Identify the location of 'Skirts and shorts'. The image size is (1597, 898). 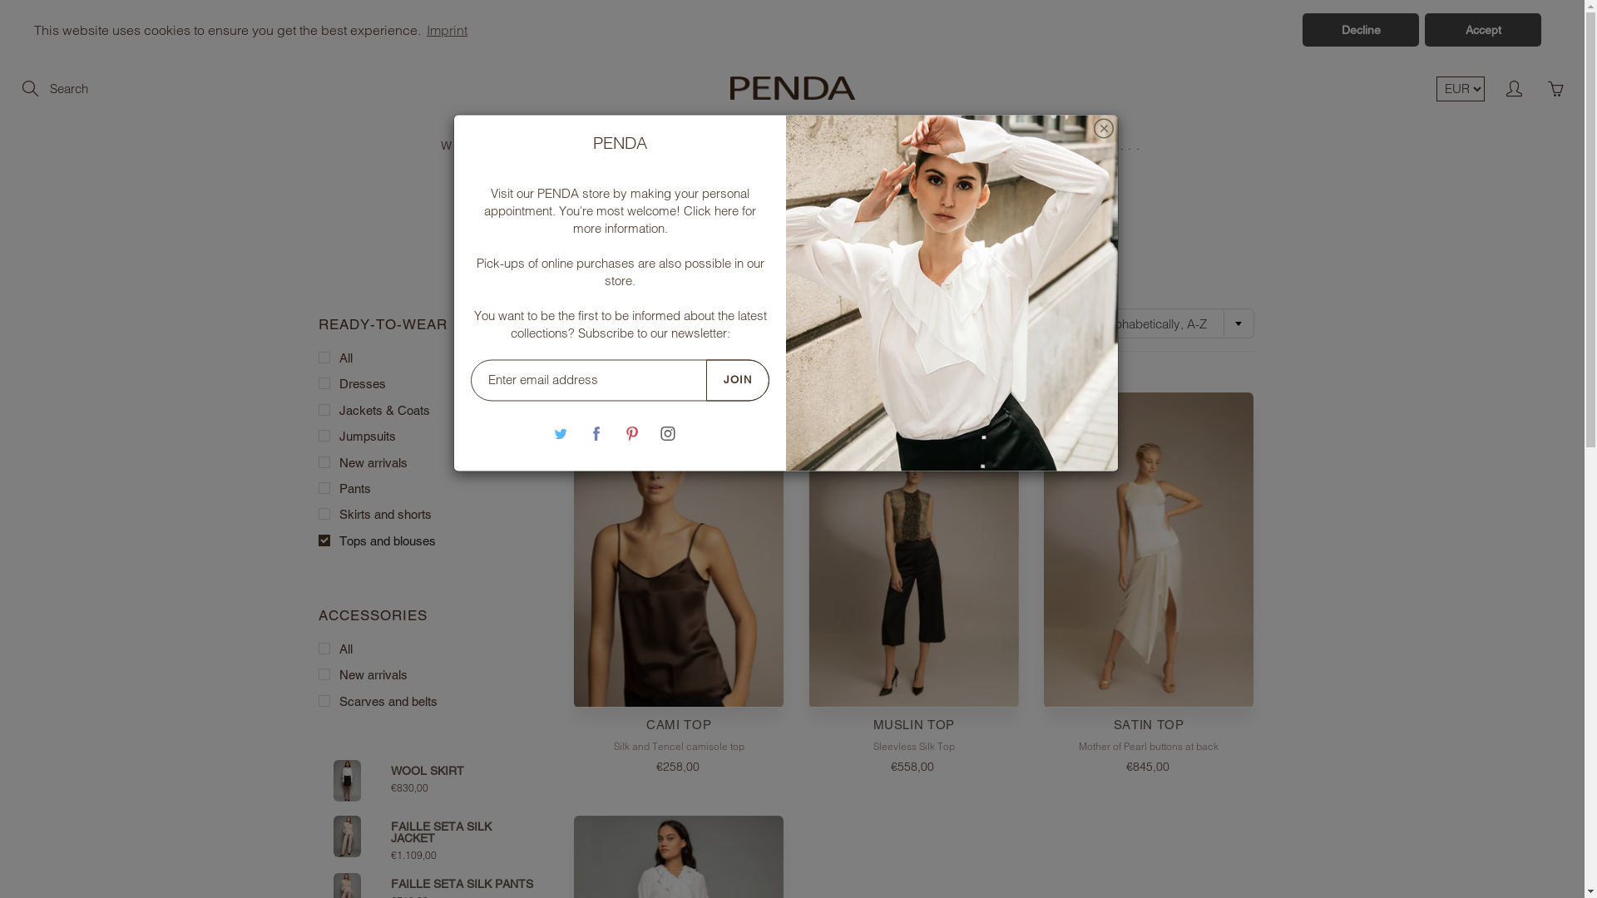
(318, 513).